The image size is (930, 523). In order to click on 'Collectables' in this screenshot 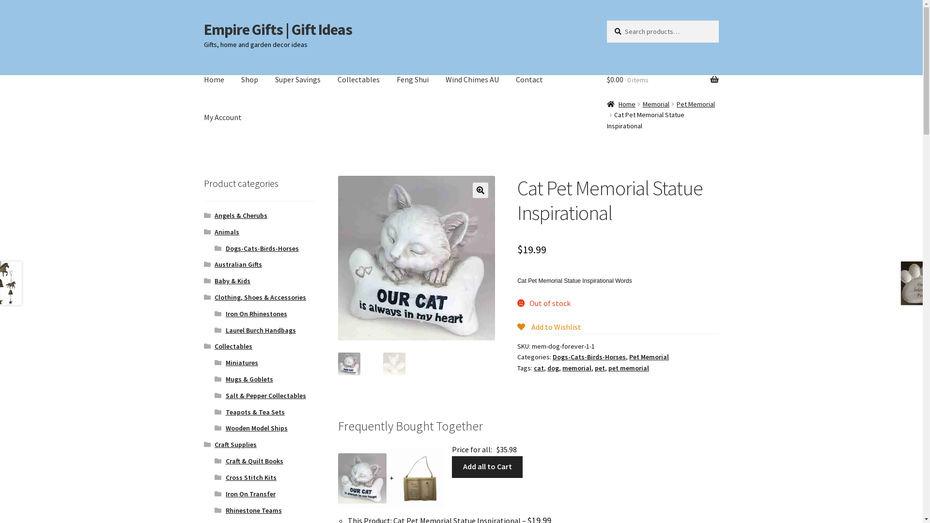, I will do `click(358, 79)`.